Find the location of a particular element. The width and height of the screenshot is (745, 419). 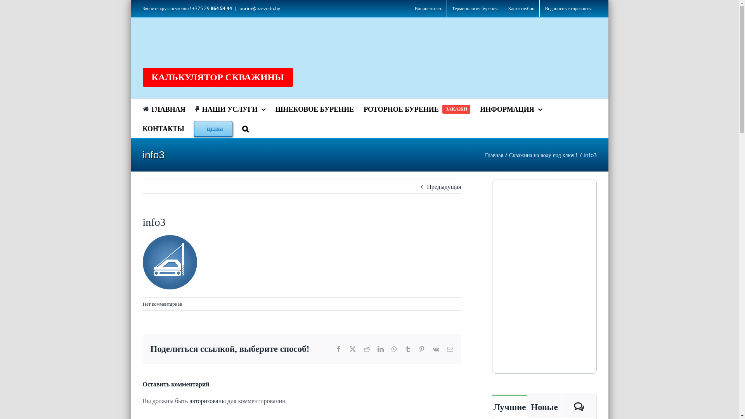

'burim@na-vodu.by' is located at coordinates (260, 8).